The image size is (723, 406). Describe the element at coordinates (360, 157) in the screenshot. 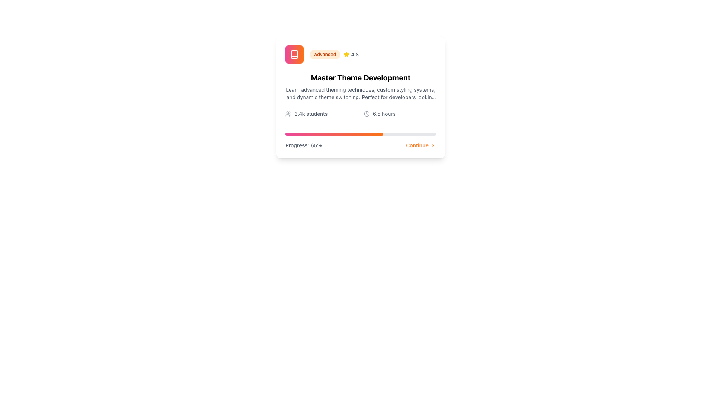

I see `the decorative bar at the bottom of the card layout displaying a gradient from pink to orange, which contains 'Master Theme Development' details` at that location.